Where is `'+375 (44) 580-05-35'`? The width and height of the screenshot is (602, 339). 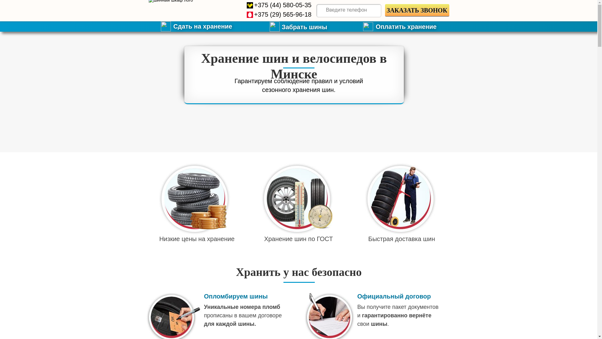
'+375 (44) 580-05-35' is located at coordinates (282, 5).